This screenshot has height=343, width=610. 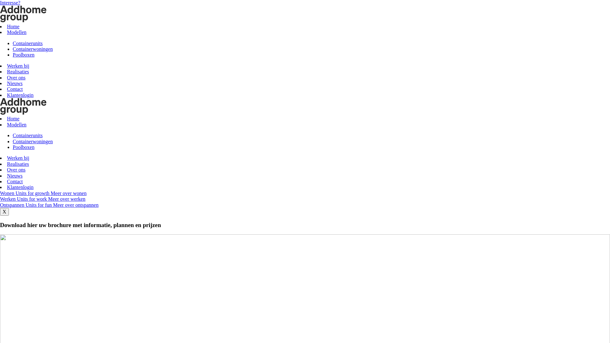 What do you see at coordinates (16, 169) in the screenshot?
I see `'Over ons'` at bounding box center [16, 169].